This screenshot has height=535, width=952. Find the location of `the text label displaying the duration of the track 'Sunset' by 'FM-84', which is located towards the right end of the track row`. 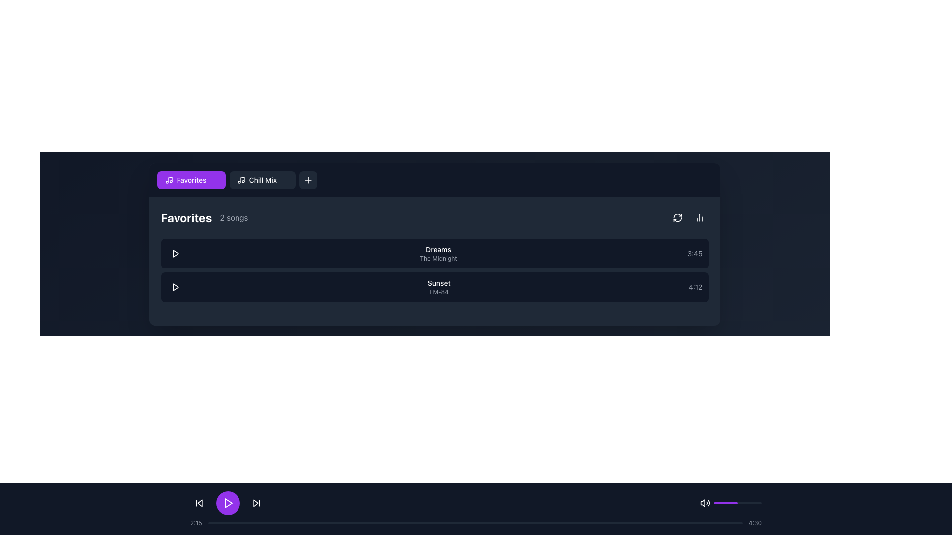

the text label displaying the duration of the track 'Sunset' by 'FM-84', which is located towards the right end of the track row is located at coordinates (695, 287).